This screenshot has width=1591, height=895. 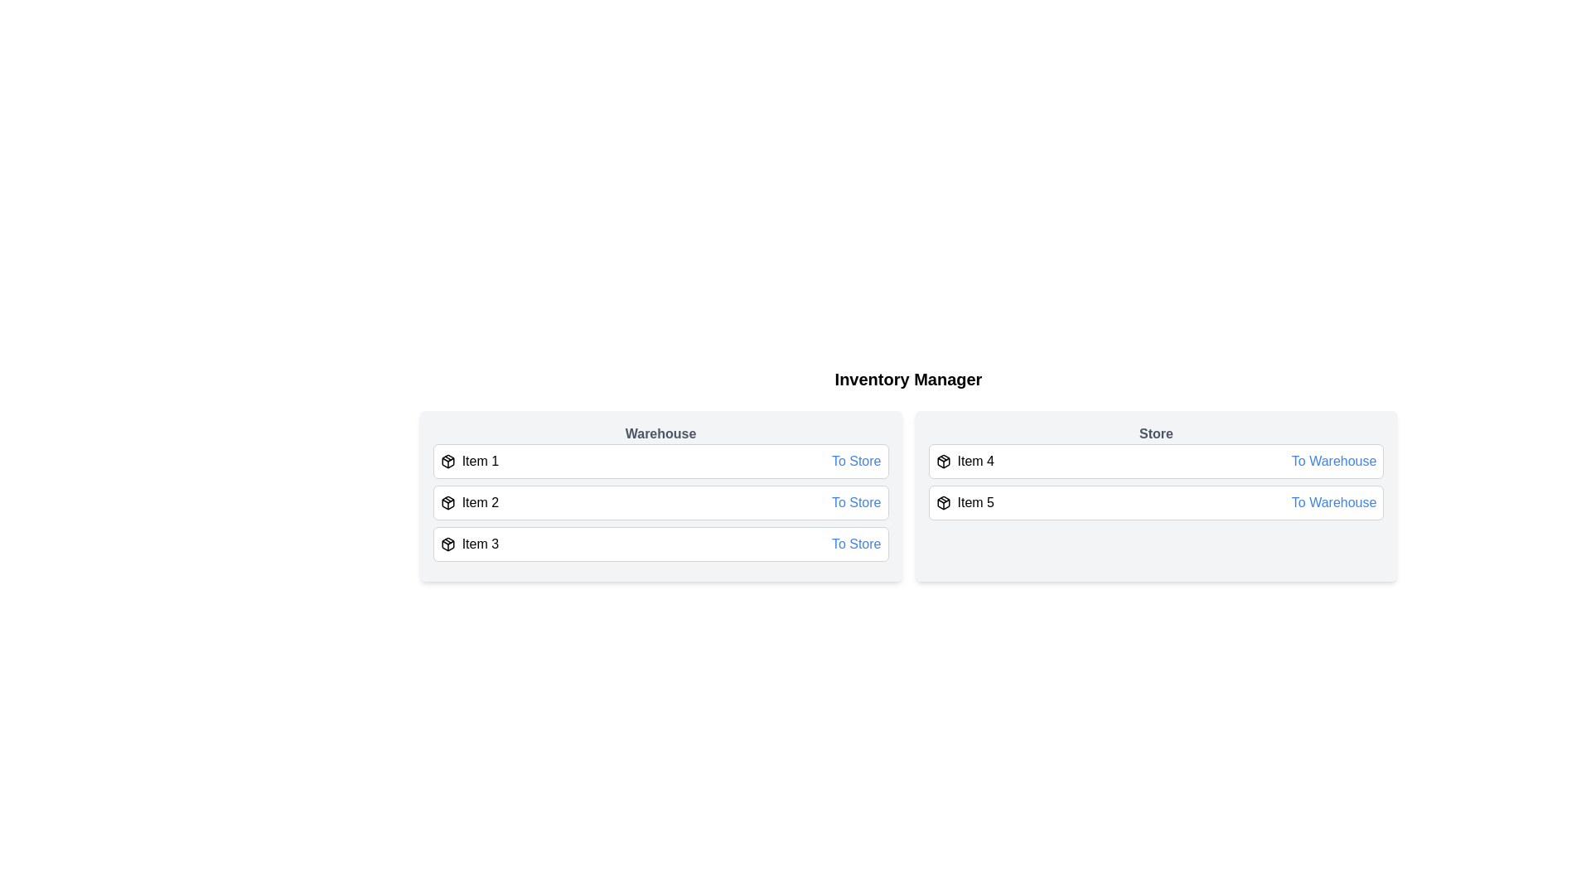 I want to click on the button to transfer Item 3 from Warehouse to <destination>, so click(x=856, y=544).